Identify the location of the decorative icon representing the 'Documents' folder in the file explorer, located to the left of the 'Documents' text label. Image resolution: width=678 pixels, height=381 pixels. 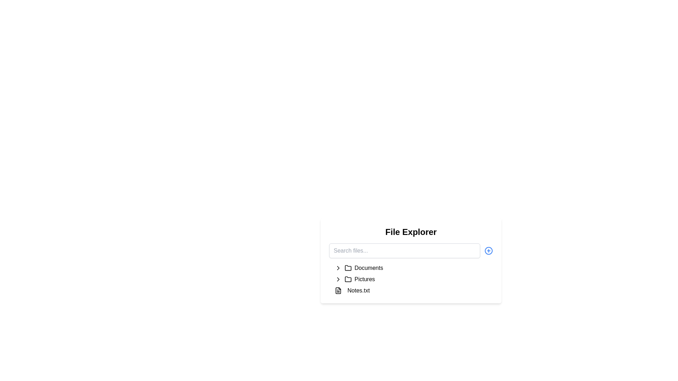
(348, 268).